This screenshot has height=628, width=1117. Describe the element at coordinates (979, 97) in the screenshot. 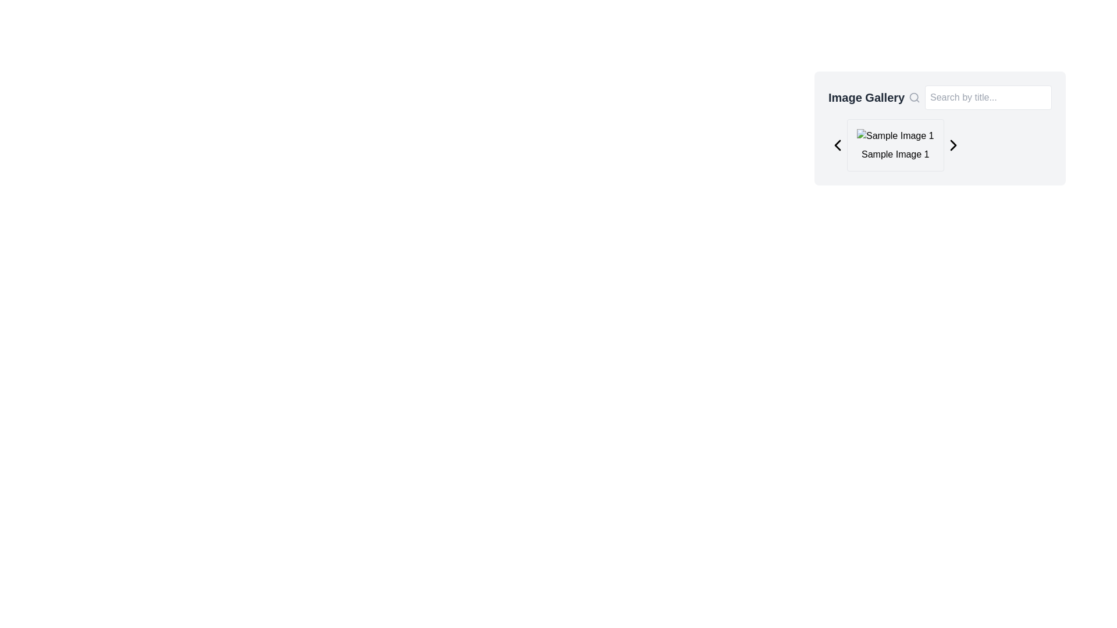

I see `the Search bar with an icon and a text input field located on the right side of the 'Image Gallery' title` at that location.